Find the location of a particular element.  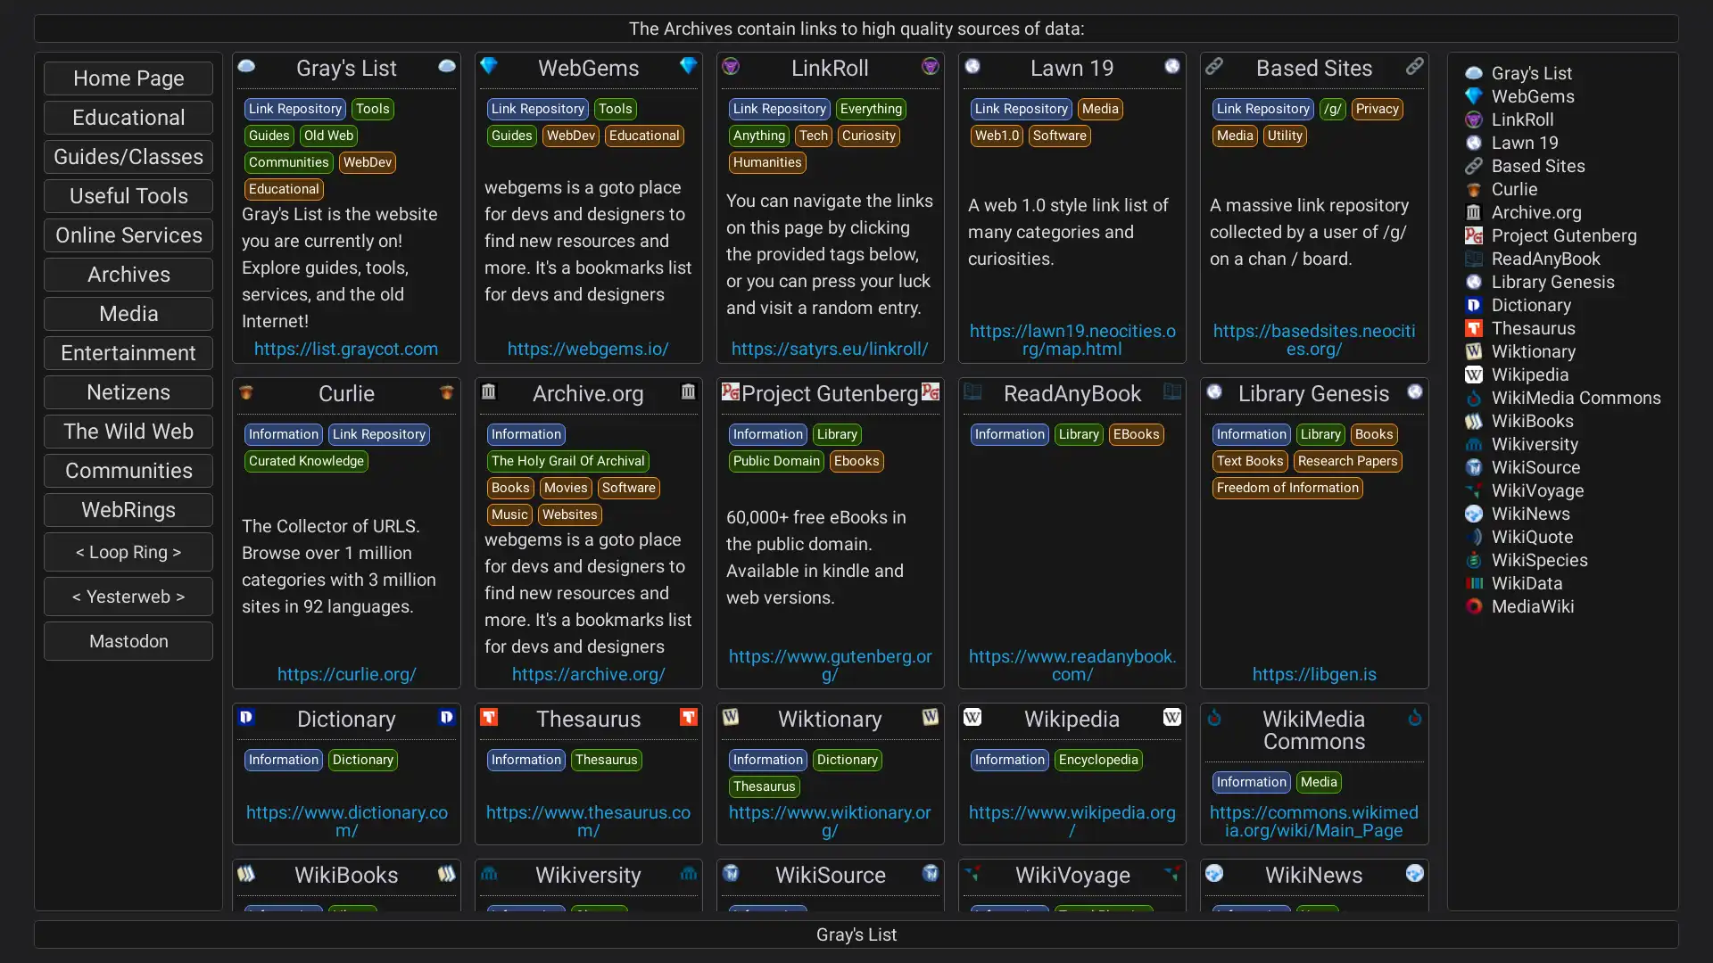

Guides/Classes is located at coordinates (128, 156).